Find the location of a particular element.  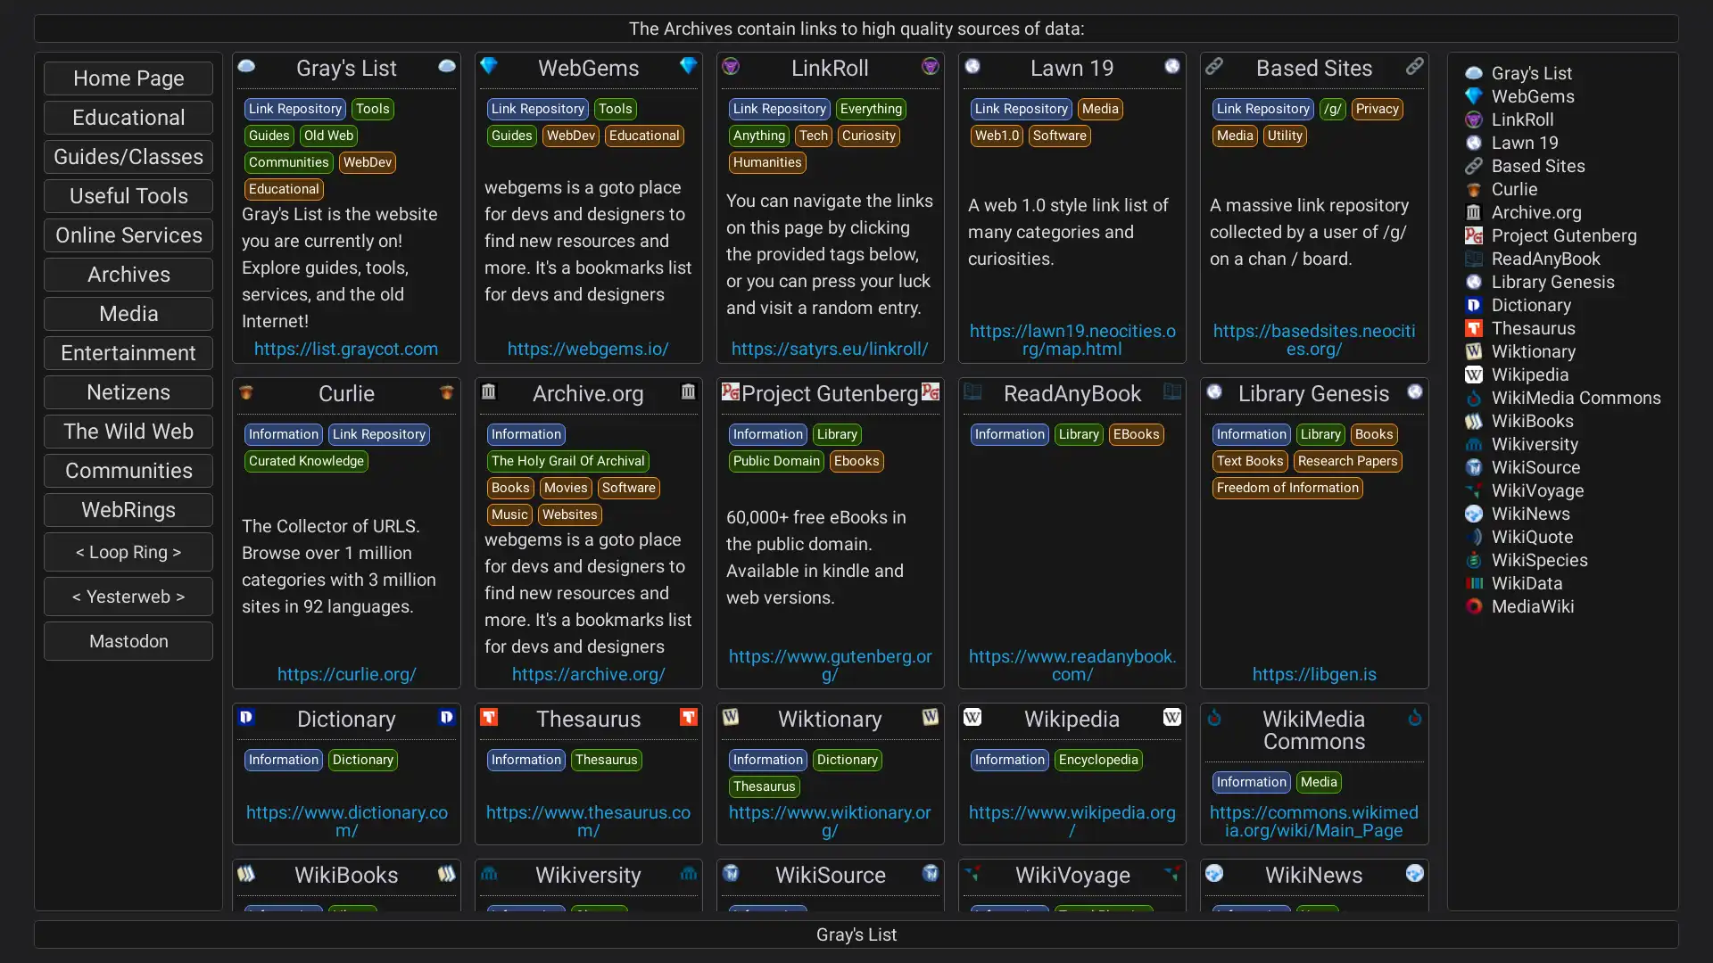

Guides/Classes is located at coordinates (128, 156).